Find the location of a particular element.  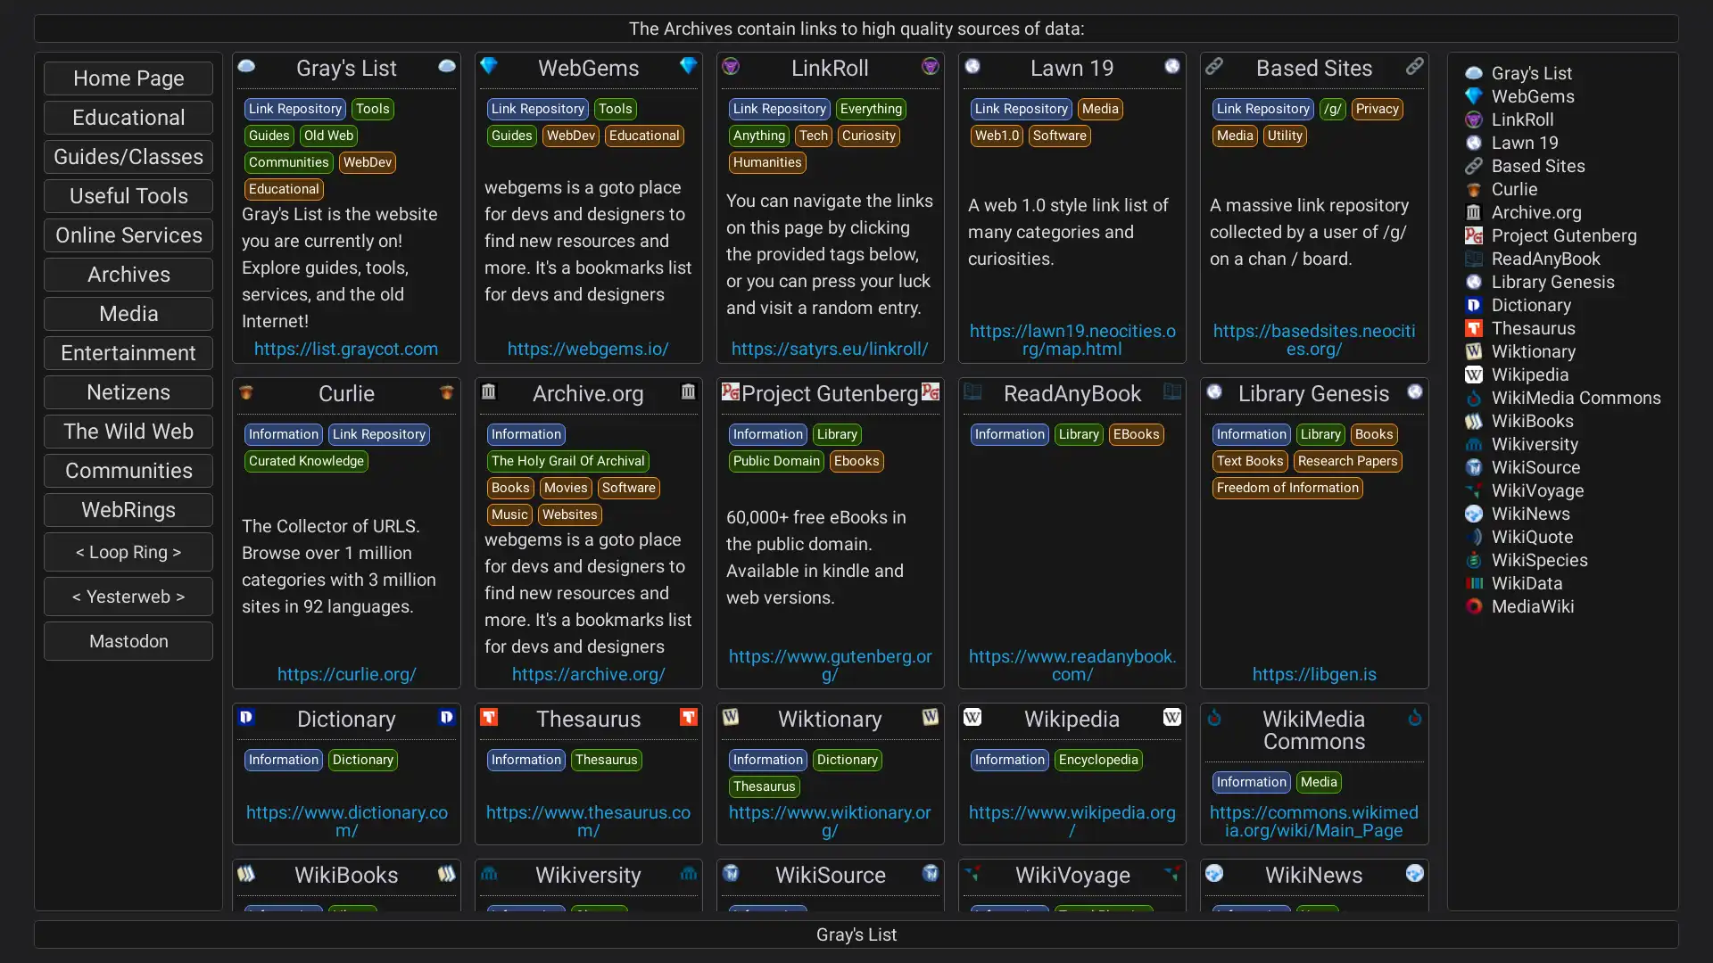

Guides/Classes is located at coordinates (128, 156).